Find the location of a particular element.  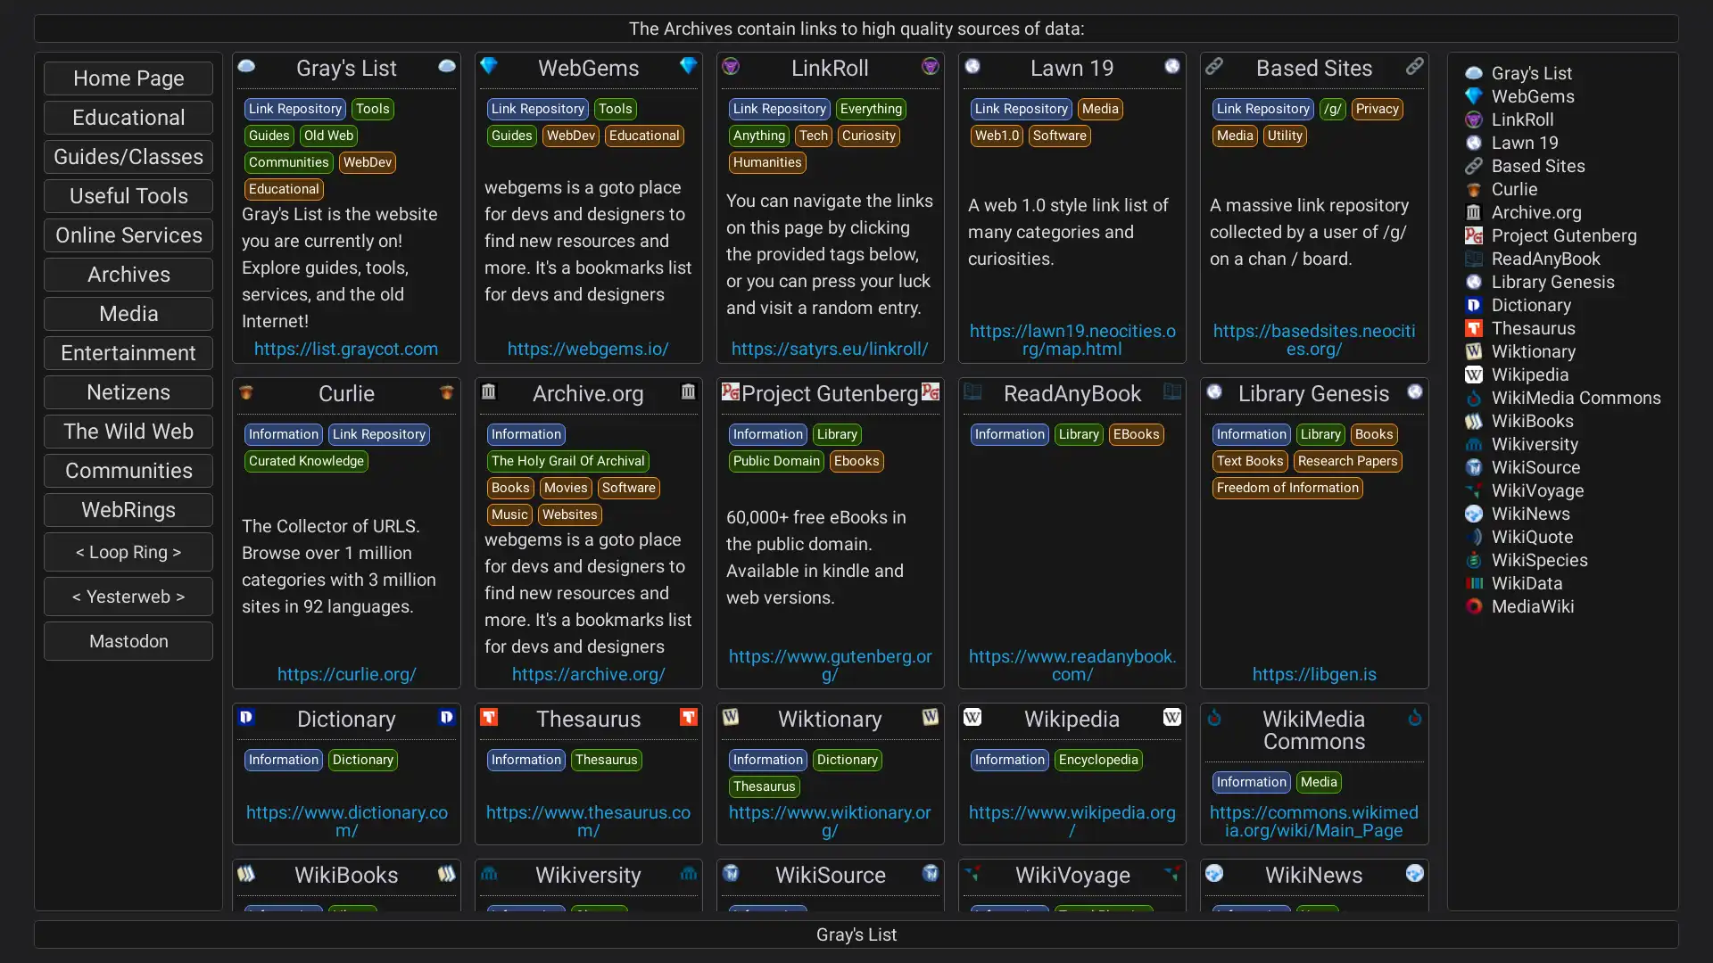

Guides/Classes is located at coordinates (128, 156).